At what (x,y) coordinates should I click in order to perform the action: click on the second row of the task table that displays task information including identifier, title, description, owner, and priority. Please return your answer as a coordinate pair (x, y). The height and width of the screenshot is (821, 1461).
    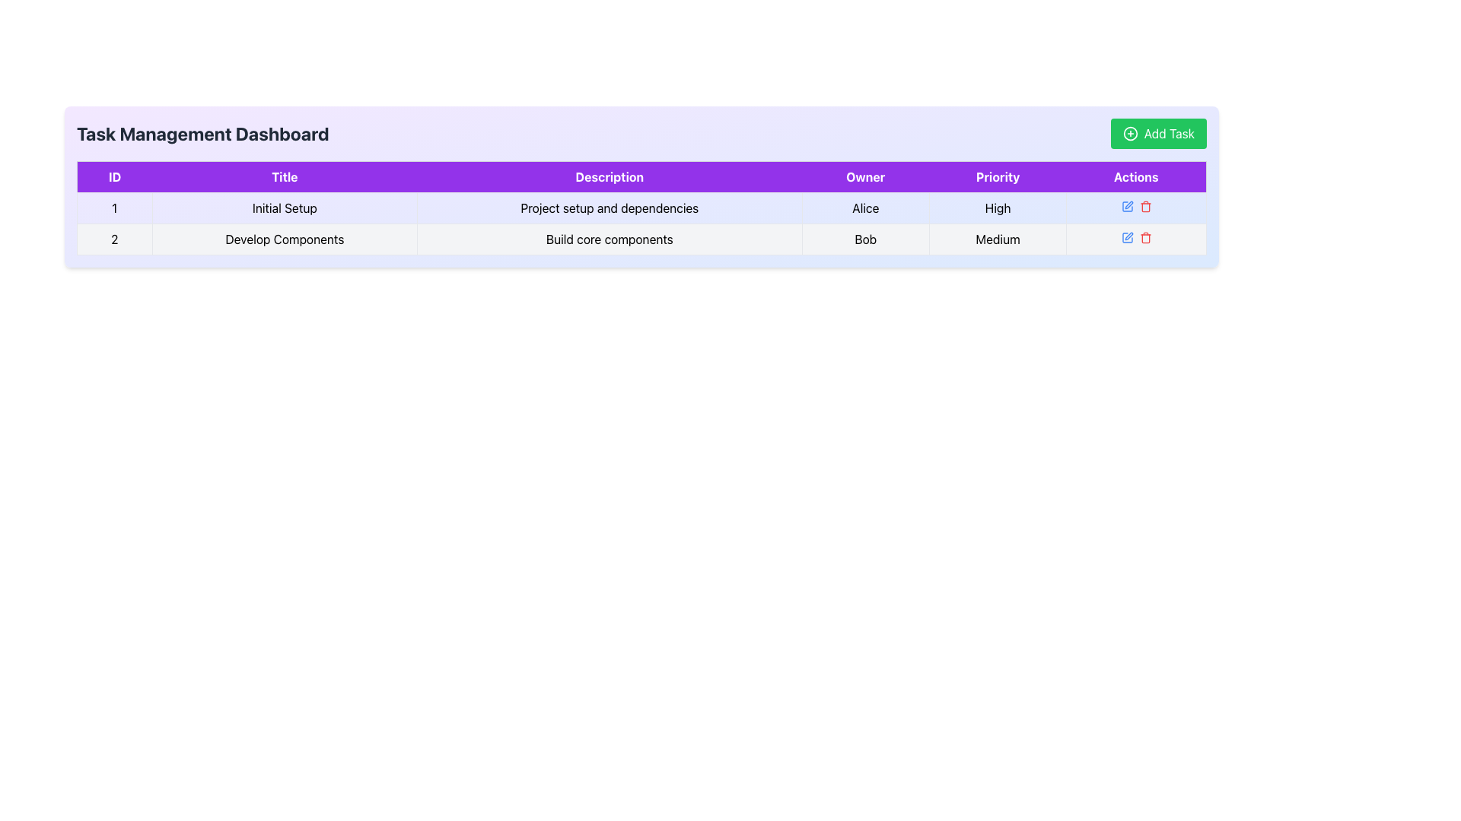
    Looking at the image, I should click on (641, 239).